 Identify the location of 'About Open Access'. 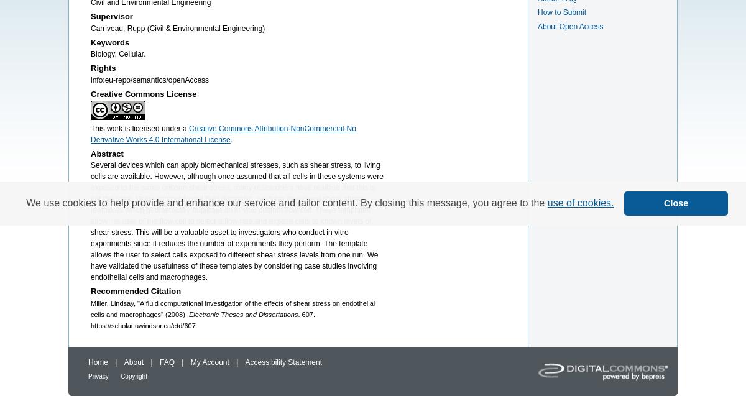
(570, 25).